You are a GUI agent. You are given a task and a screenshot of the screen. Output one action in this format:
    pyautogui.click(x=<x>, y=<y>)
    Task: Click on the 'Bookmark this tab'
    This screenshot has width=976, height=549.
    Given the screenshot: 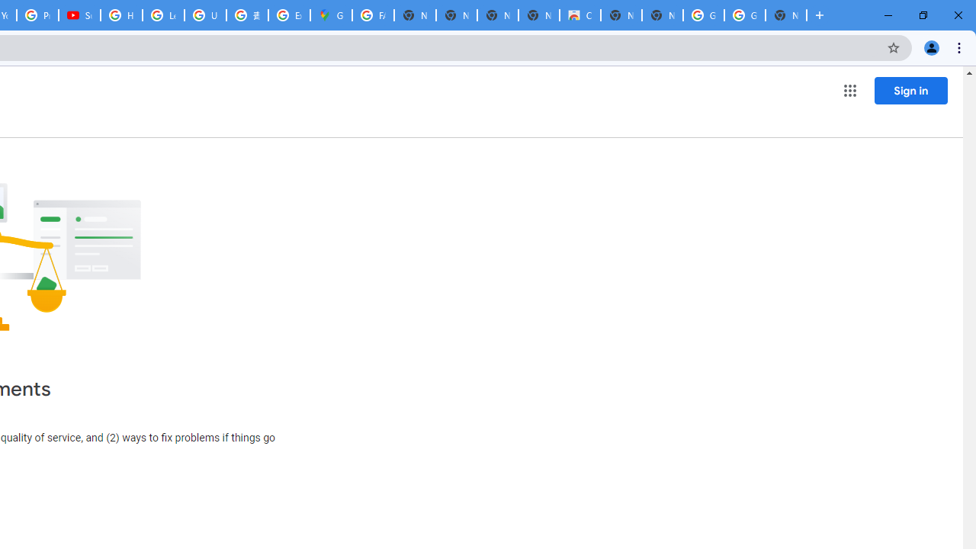 What is the action you would take?
    pyautogui.click(x=893, y=47)
    